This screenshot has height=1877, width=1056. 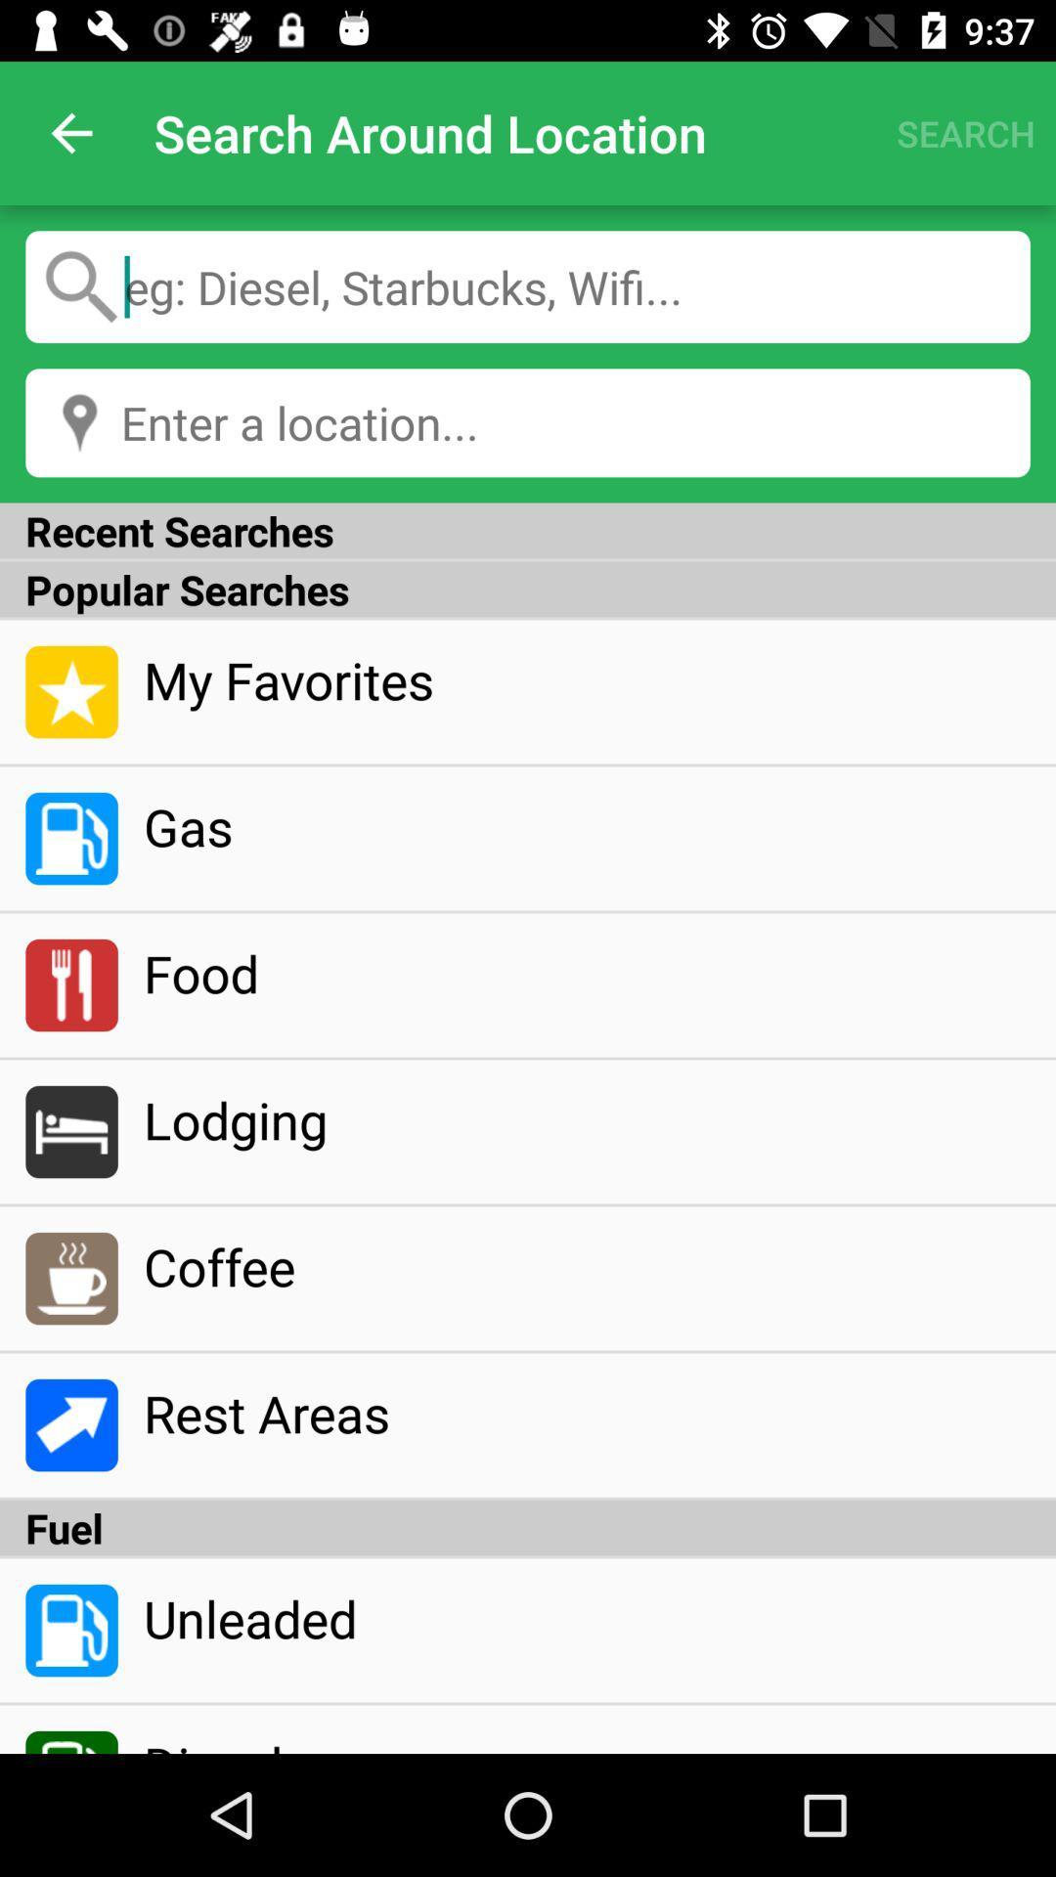 What do you see at coordinates (586, 973) in the screenshot?
I see `icon below the gas` at bounding box center [586, 973].